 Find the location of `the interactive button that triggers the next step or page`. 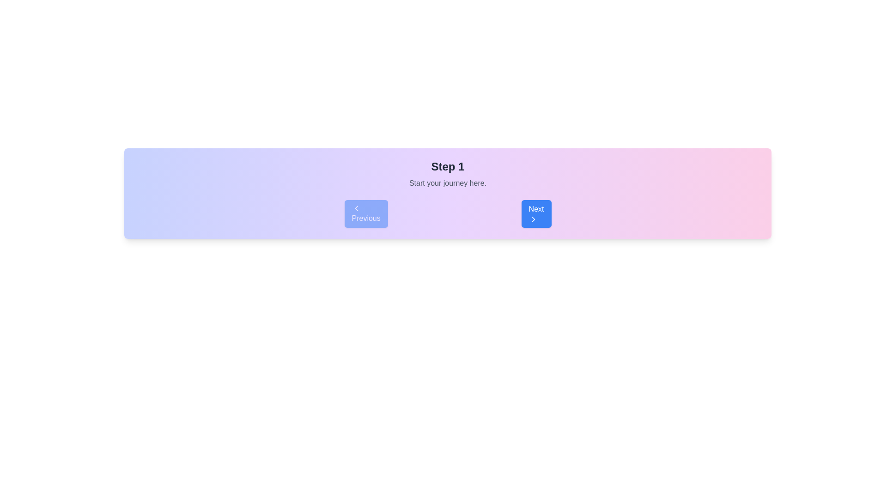

the interactive button that triggers the next step or page is located at coordinates (536, 213).